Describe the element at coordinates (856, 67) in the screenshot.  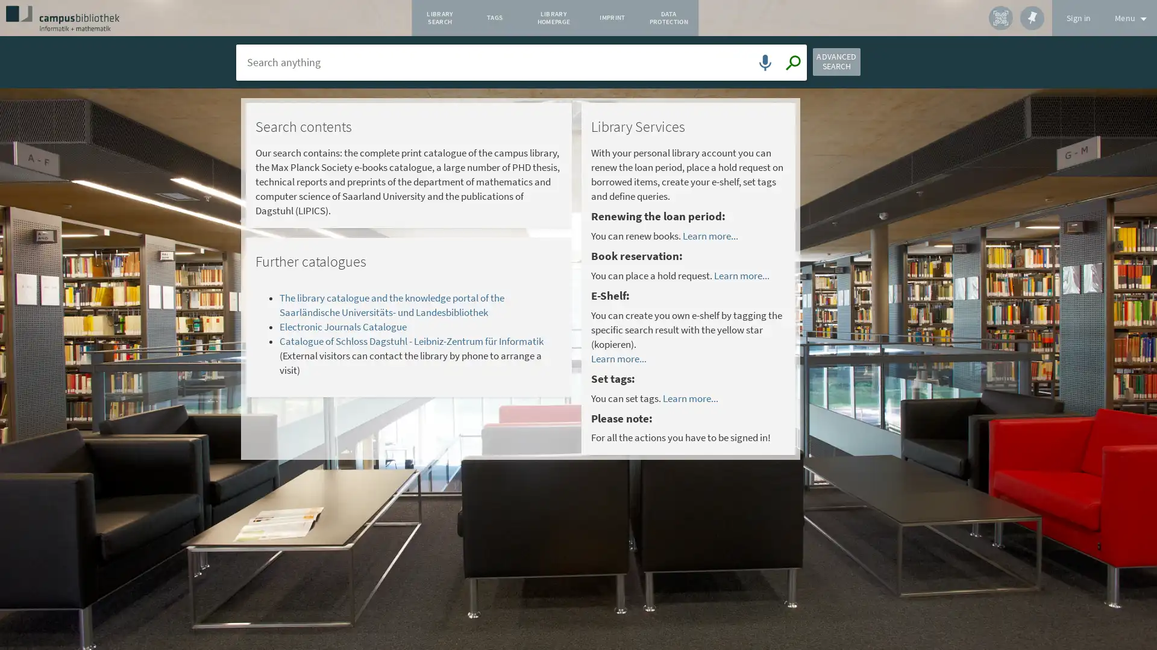
I see `Advanced Search` at that location.